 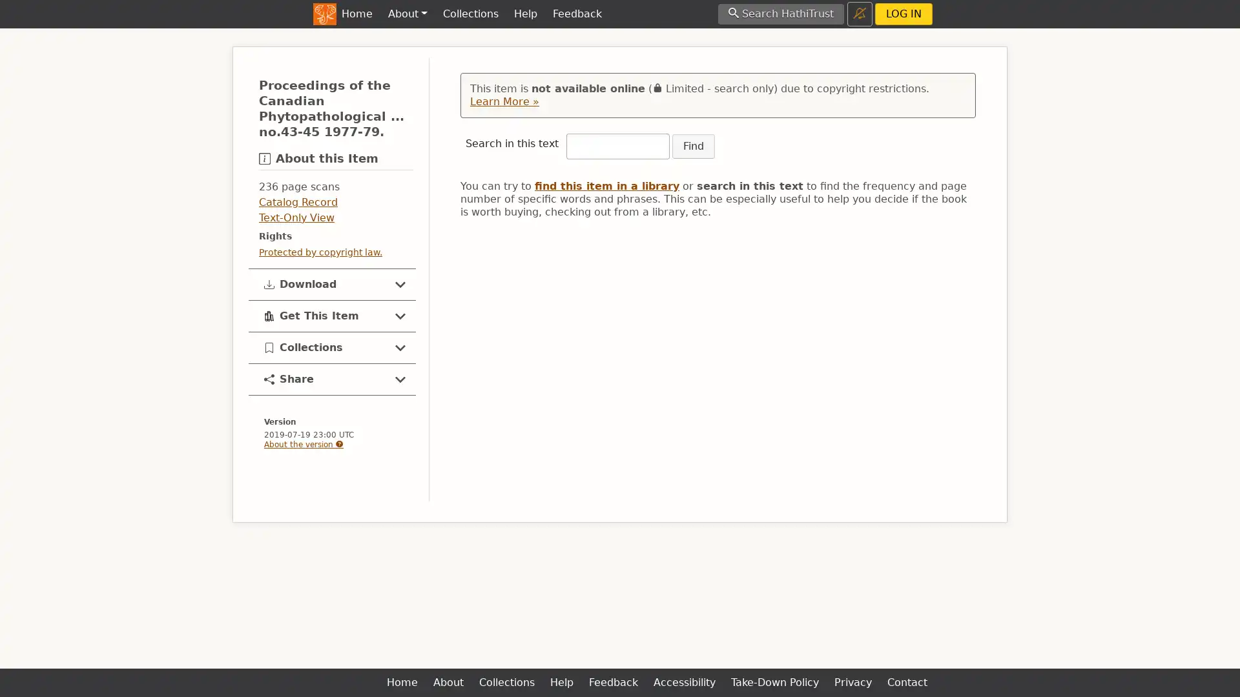 I want to click on Toggle Notifications, so click(x=860, y=14).